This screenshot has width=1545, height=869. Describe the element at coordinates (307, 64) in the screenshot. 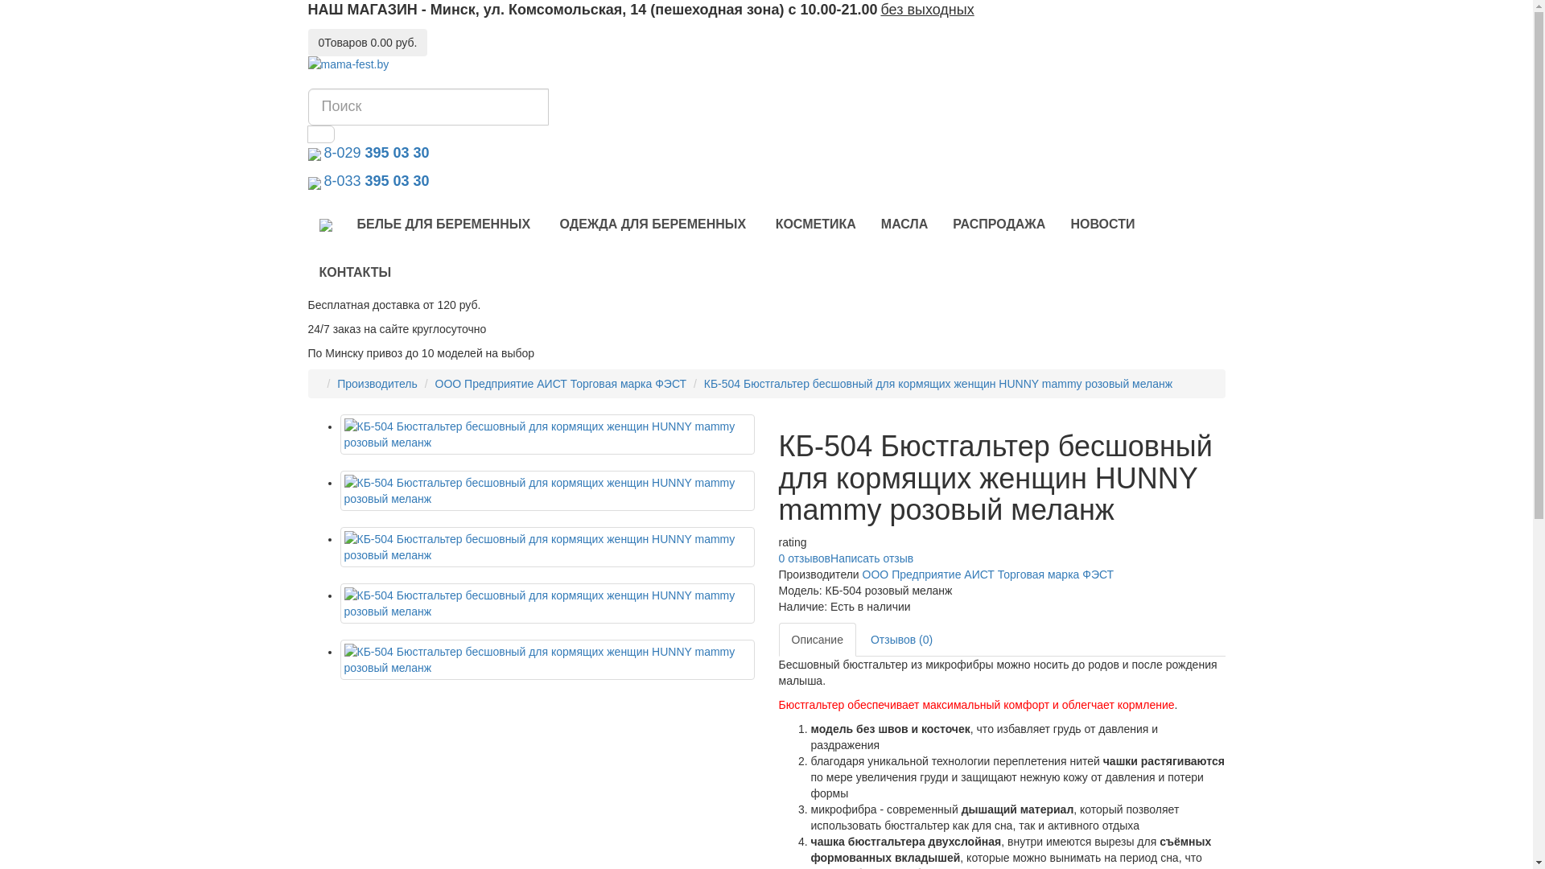

I see `'mama-fest.by'` at that location.